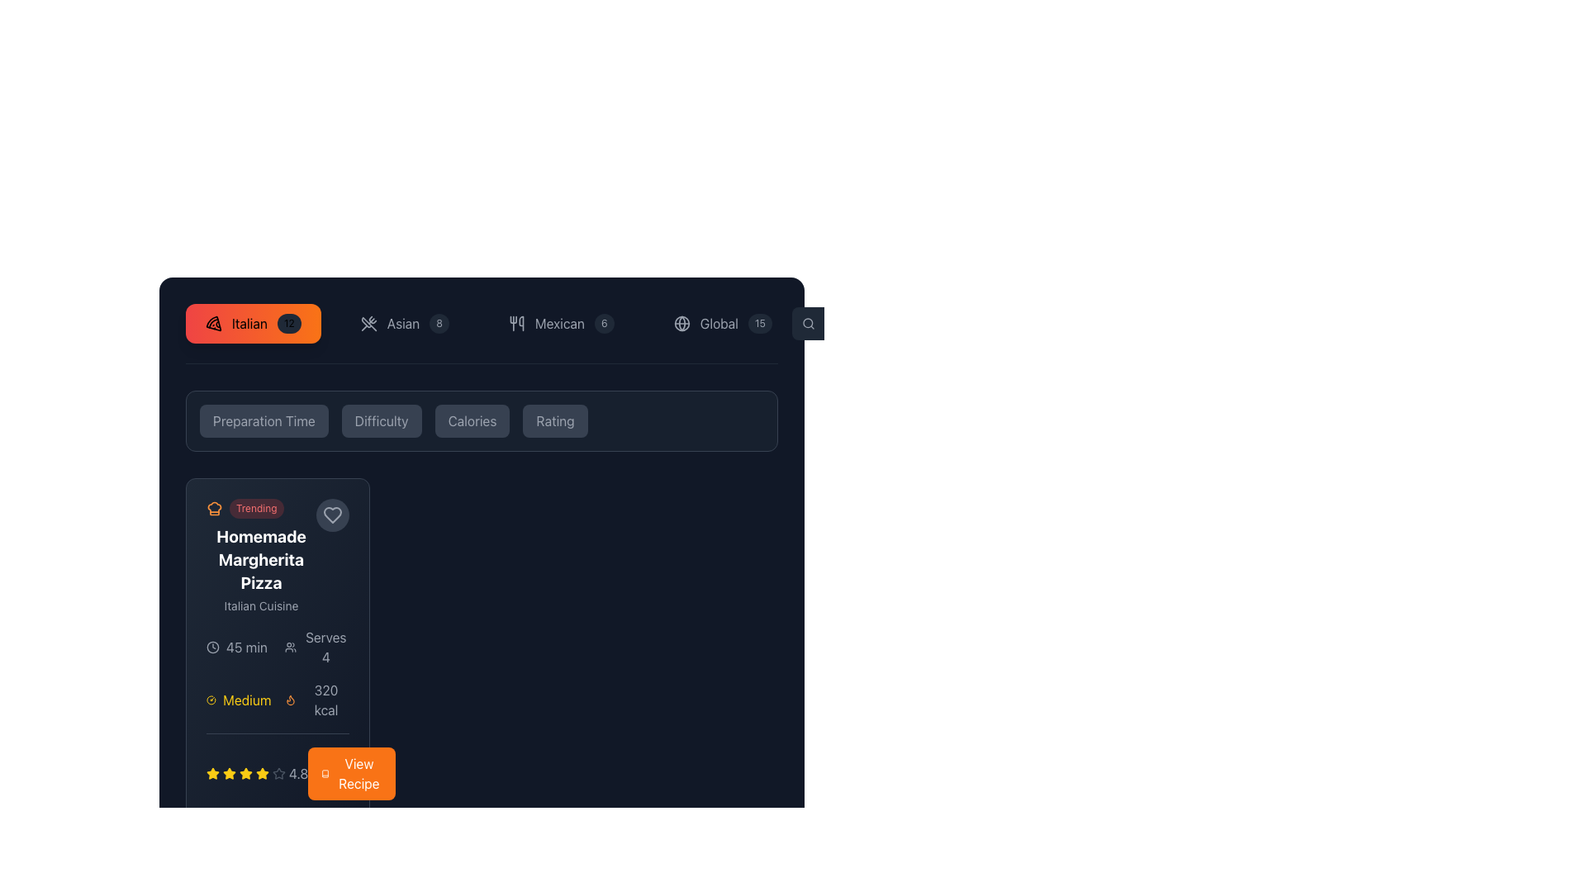 The image size is (1586, 892). I want to click on the text label within the clickable button located at the lower-right corner of the recipe card, so click(358, 774).